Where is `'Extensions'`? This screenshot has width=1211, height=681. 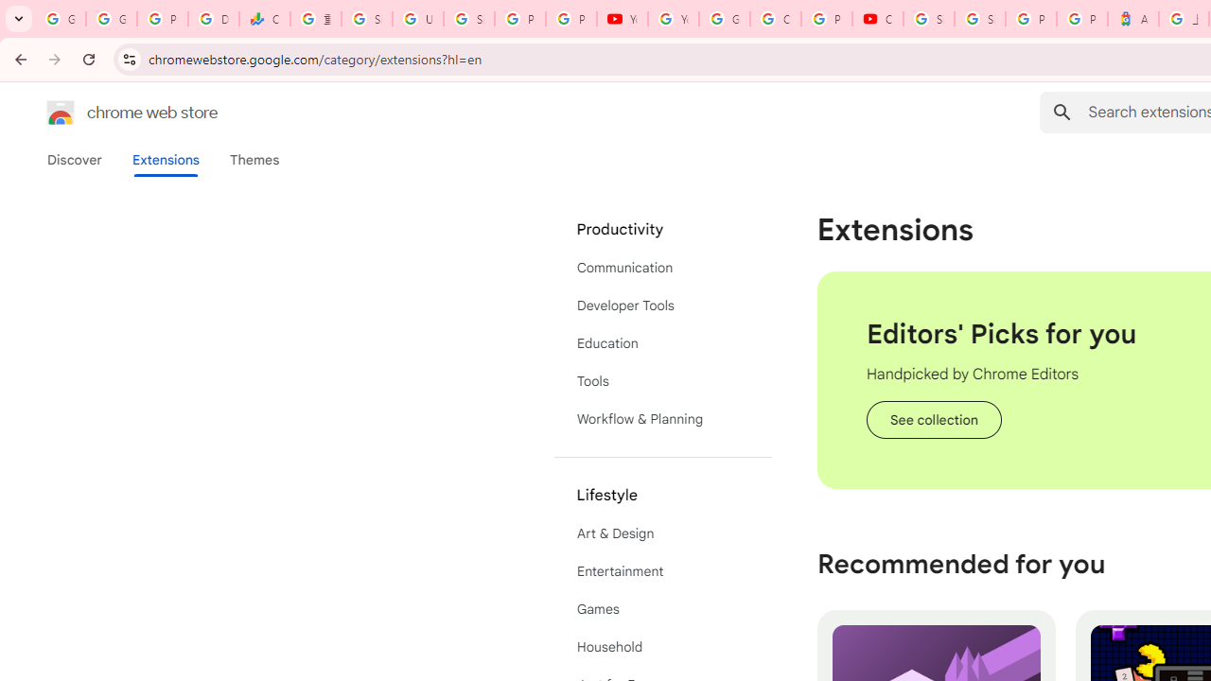 'Extensions' is located at coordinates (165, 159).